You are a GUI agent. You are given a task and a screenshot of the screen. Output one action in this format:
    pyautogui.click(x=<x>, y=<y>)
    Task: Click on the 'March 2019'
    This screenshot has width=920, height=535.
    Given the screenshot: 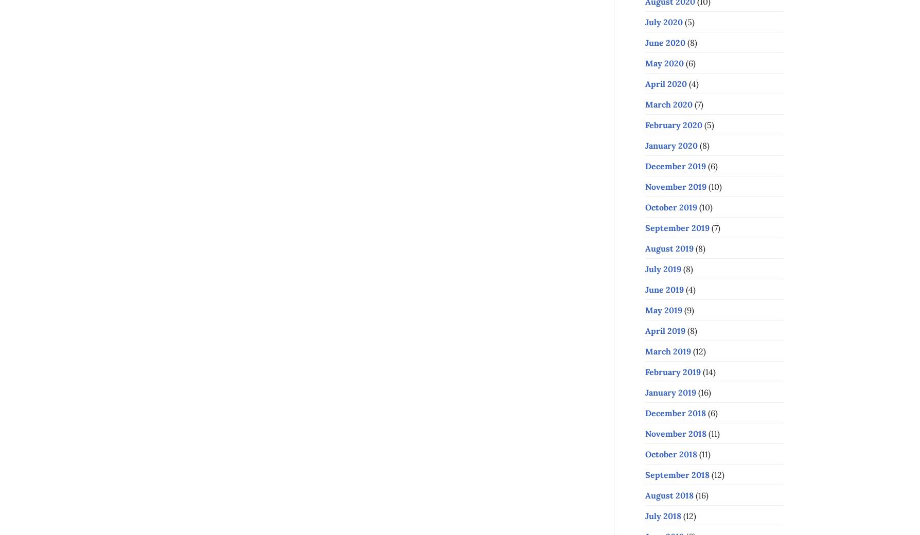 What is the action you would take?
    pyautogui.click(x=667, y=351)
    